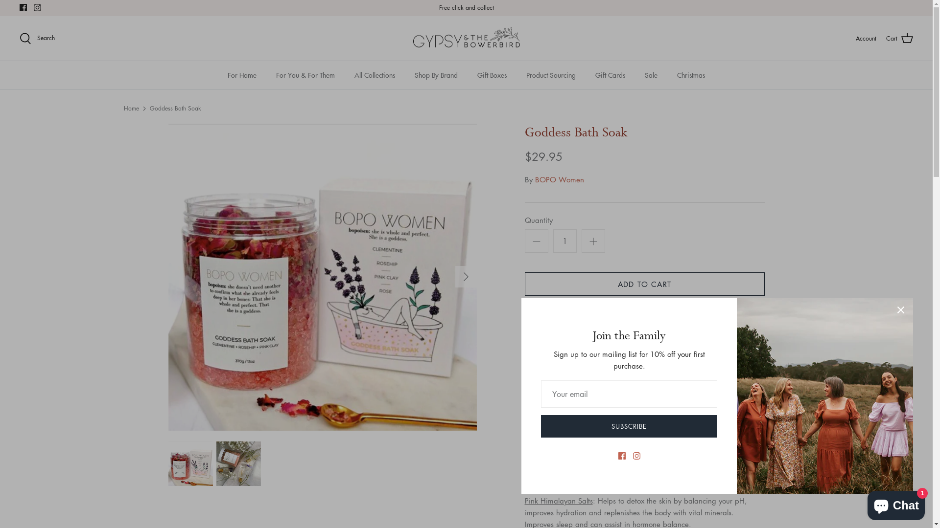 The width and height of the screenshot is (940, 528). Describe the element at coordinates (896, 503) in the screenshot. I see `'Shopify online store chat'` at that location.